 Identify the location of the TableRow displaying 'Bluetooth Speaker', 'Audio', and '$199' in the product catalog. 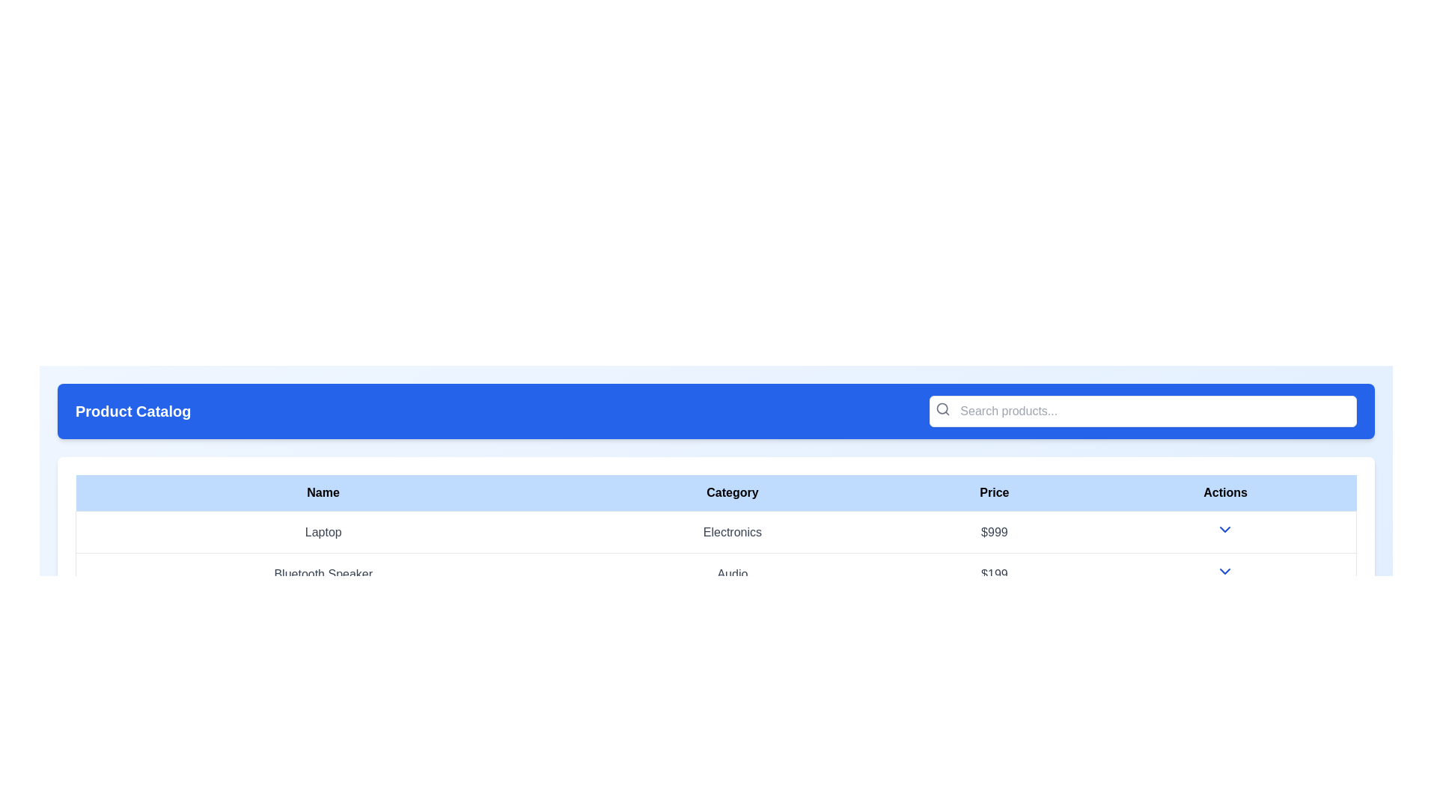
(715, 573).